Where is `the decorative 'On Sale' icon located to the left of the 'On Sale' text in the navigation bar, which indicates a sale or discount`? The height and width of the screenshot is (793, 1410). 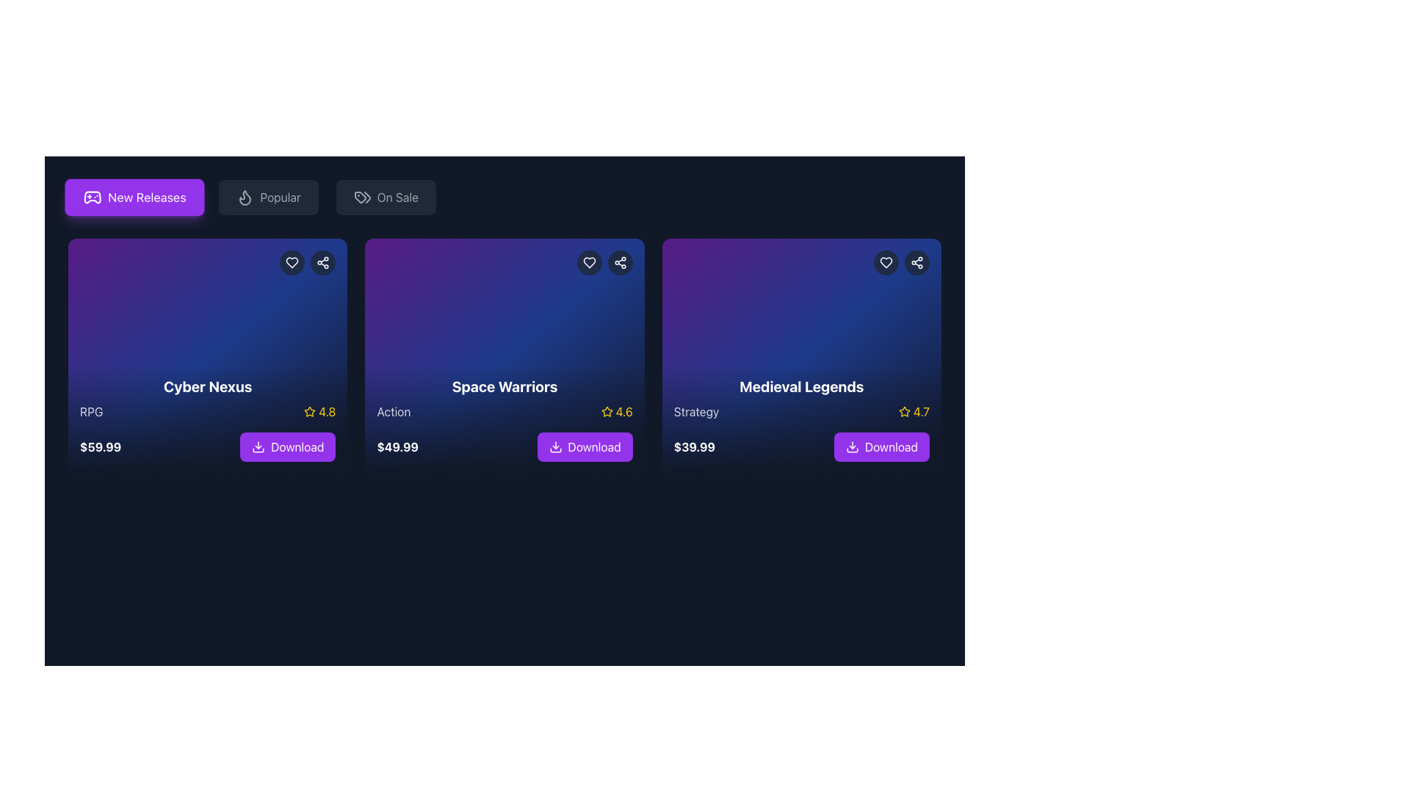 the decorative 'On Sale' icon located to the left of the 'On Sale' text in the navigation bar, which indicates a sale or discount is located at coordinates (362, 197).